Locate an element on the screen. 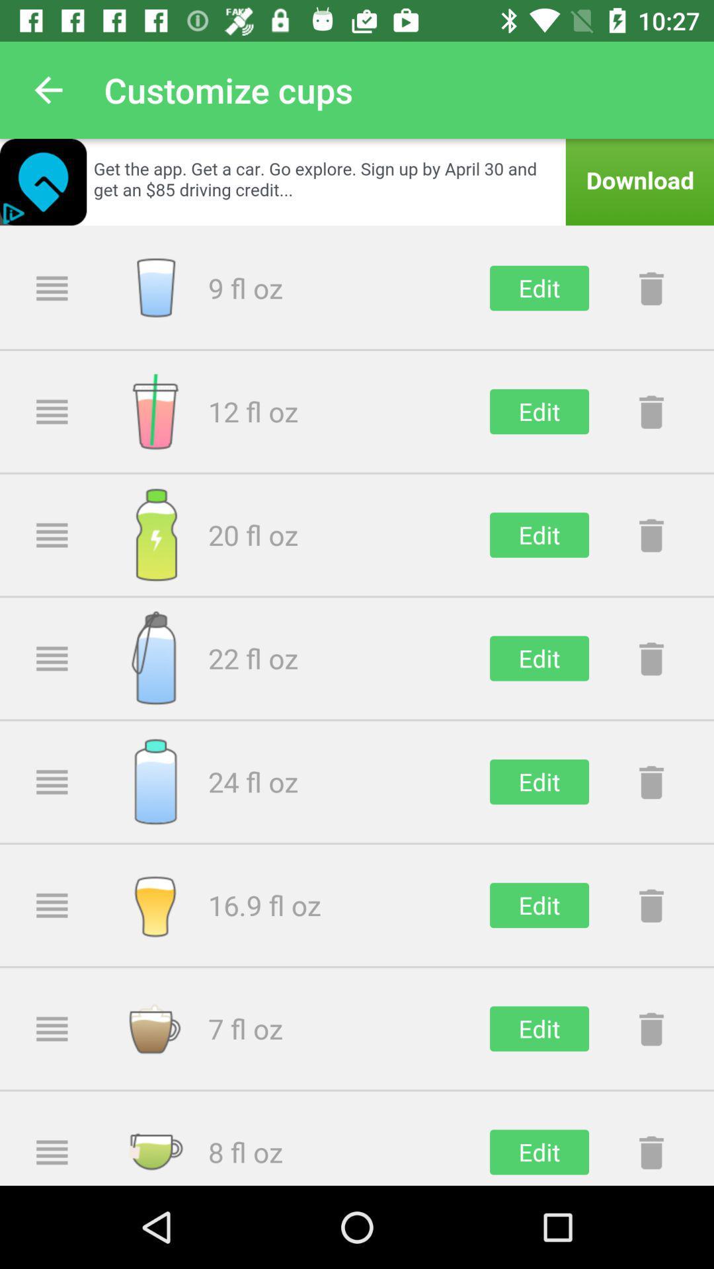 This screenshot has height=1269, width=714. delete page is located at coordinates (651, 288).